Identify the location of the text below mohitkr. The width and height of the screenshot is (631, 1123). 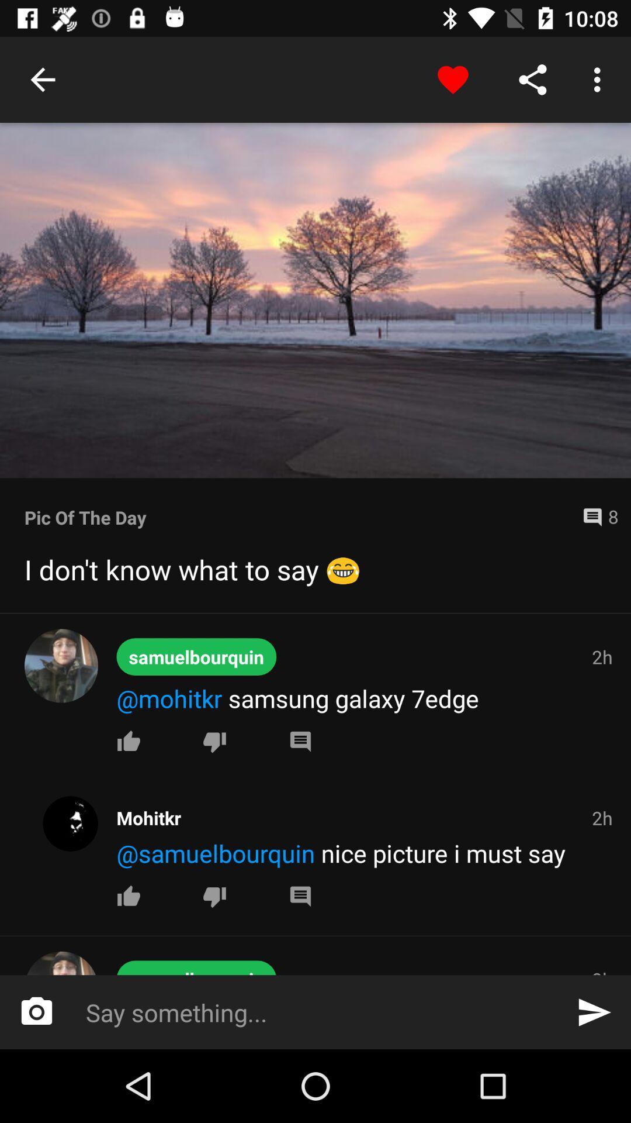
(366, 853).